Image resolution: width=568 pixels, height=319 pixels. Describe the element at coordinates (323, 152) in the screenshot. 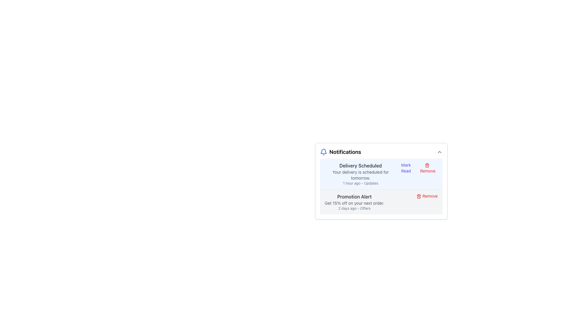

I see `the notification icon button located at the top-left corner of the notification panel, adjacent to the text 'Notifications'` at that location.